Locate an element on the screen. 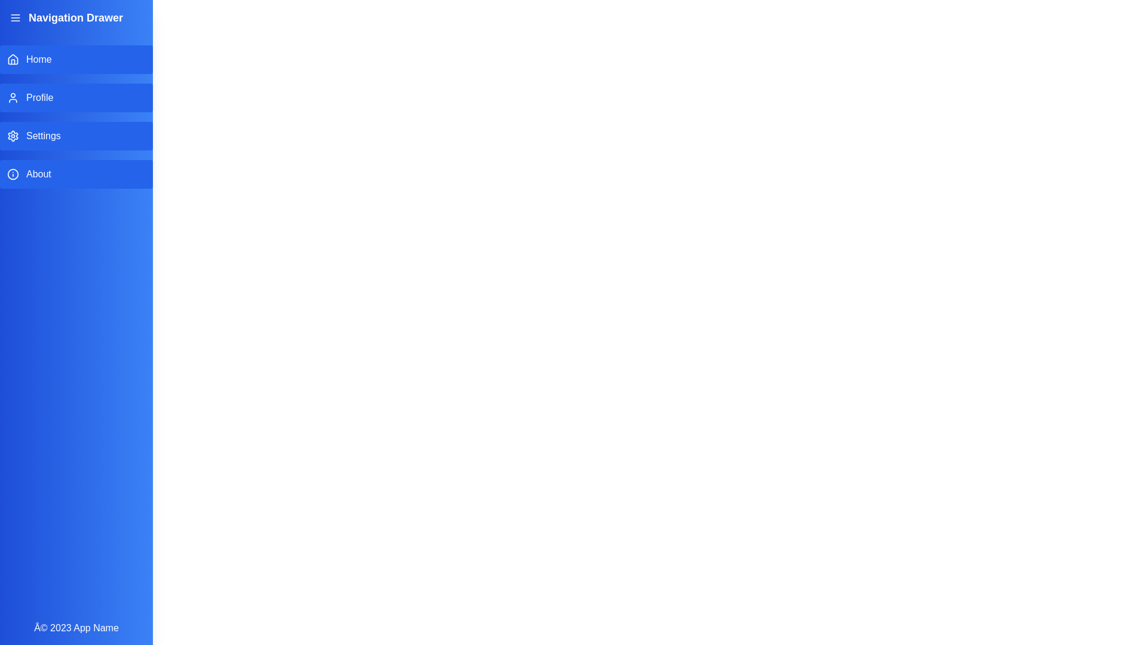  the toggle icon for the navigation drawer located in the top-left corner of the blue navigation sidebar is located at coordinates (15, 18).